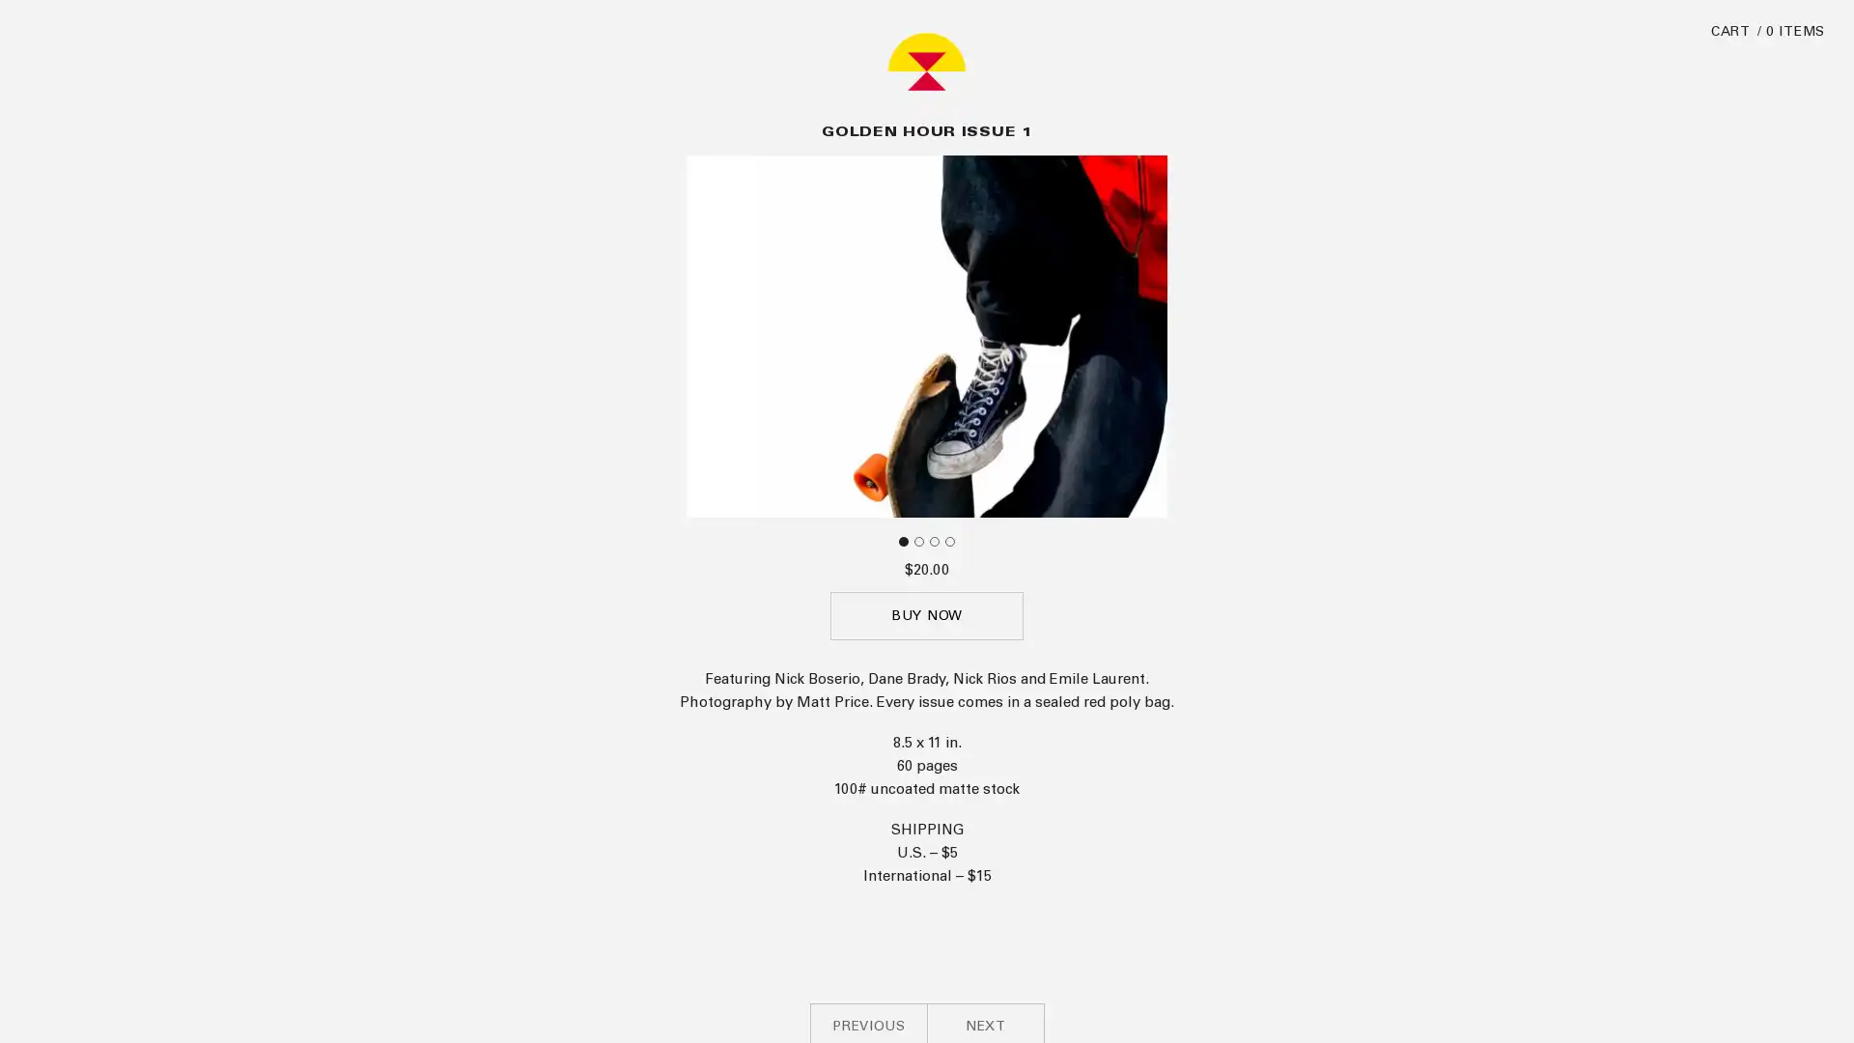 The image size is (1854, 1043). What do you see at coordinates (927, 618) in the screenshot?
I see `BUY NOW` at bounding box center [927, 618].